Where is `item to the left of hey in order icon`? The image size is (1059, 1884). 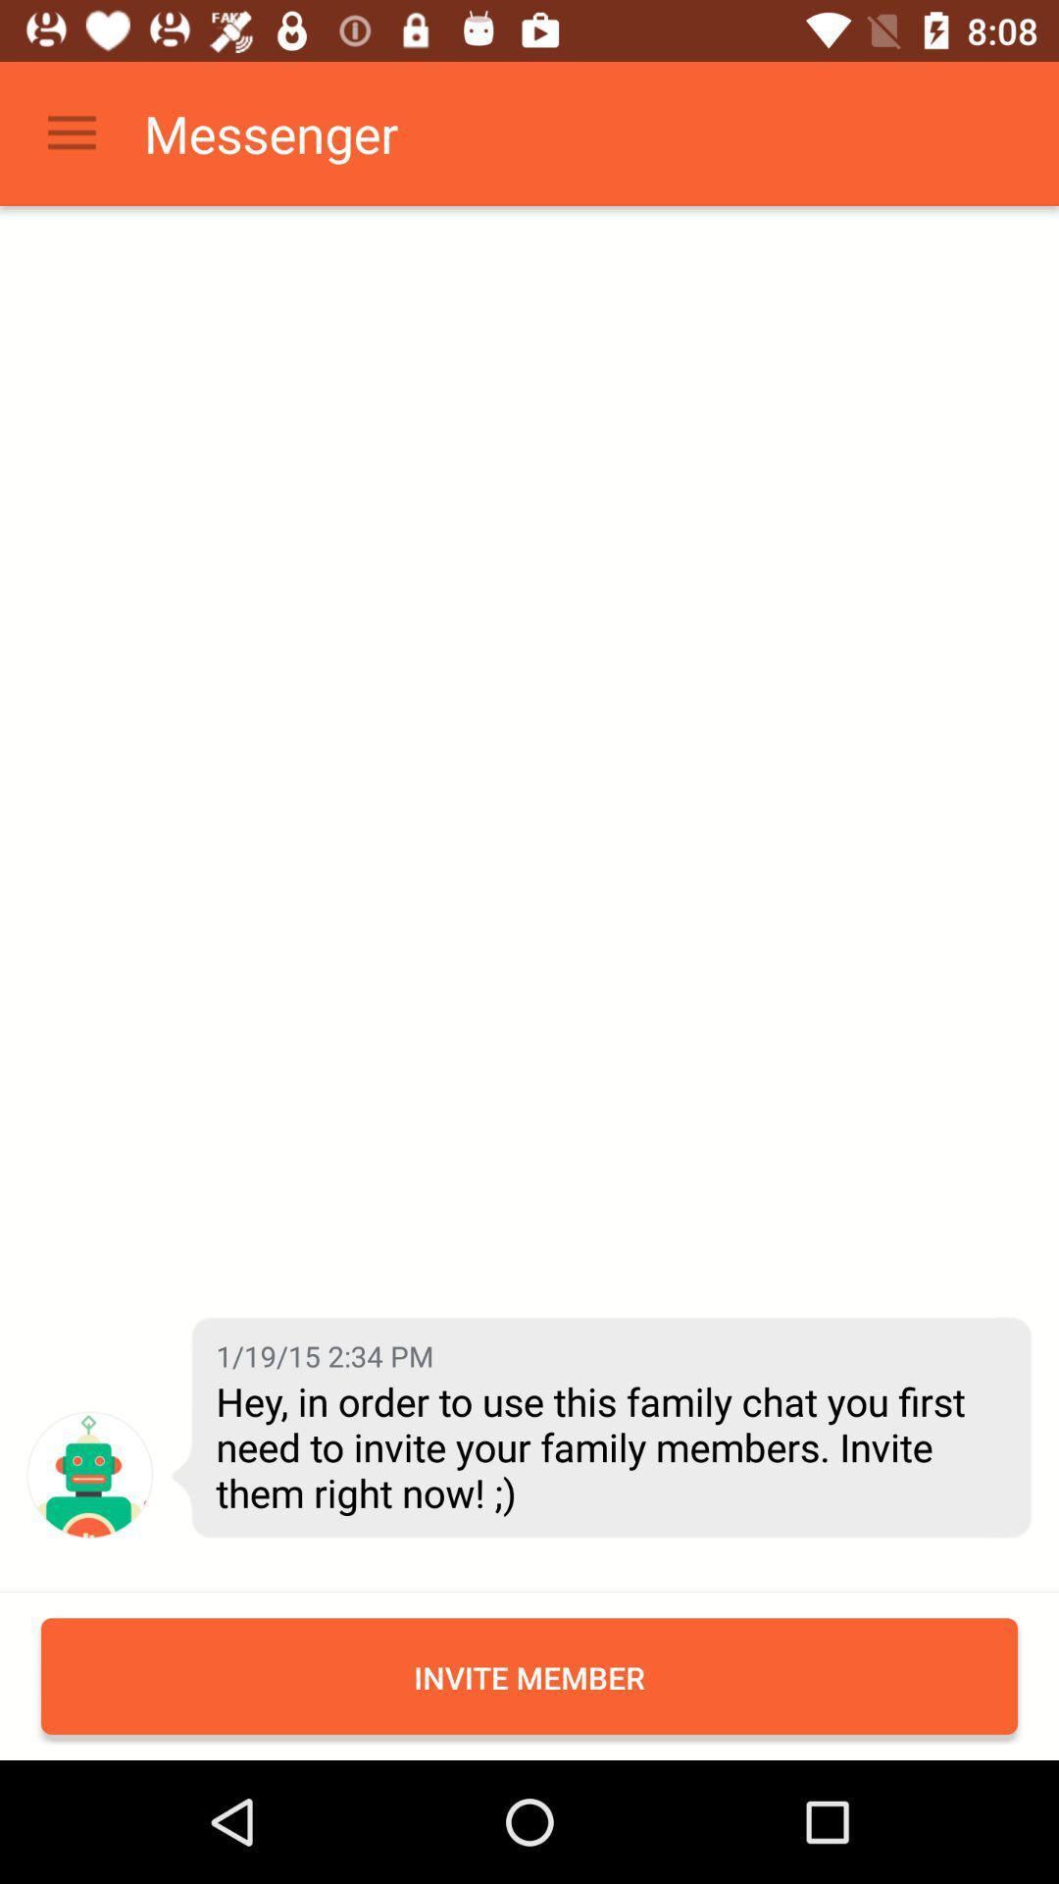
item to the left of hey in order icon is located at coordinates (89, 1475).